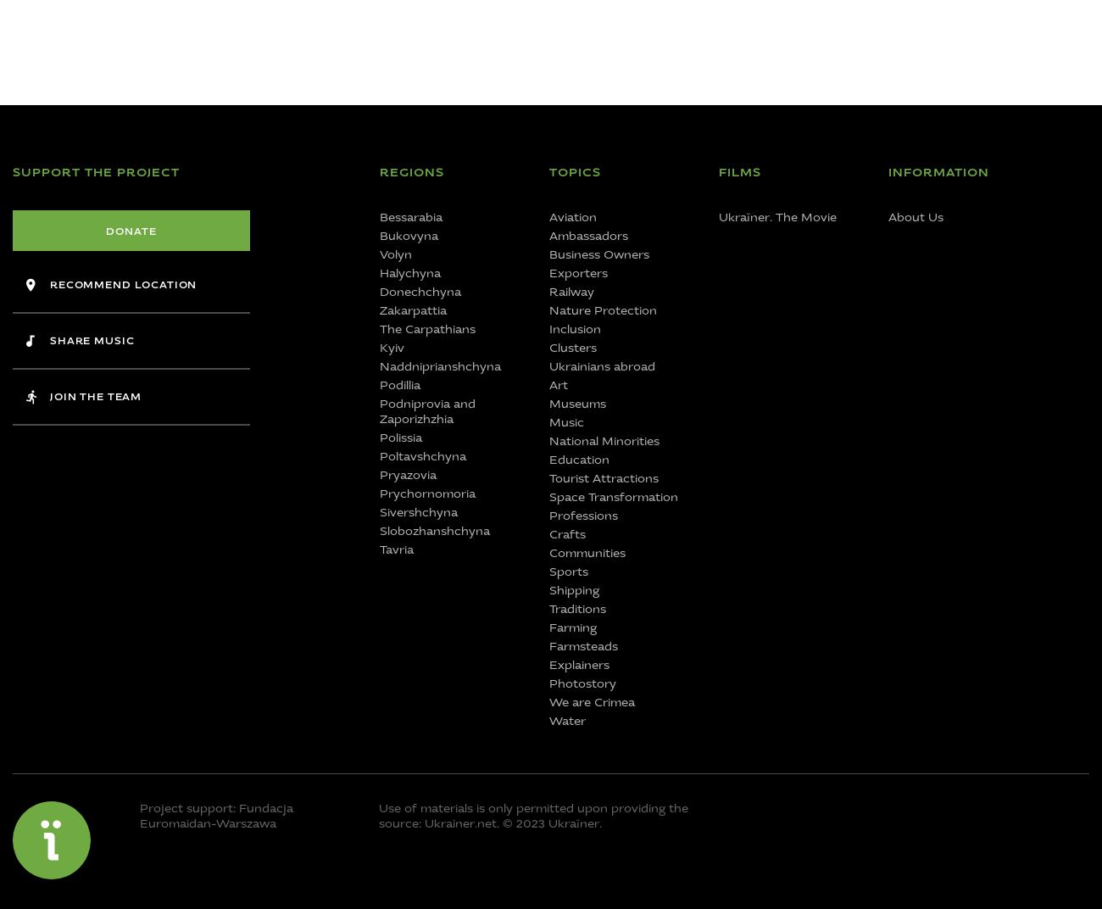  What do you see at coordinates (566, 534) in the screenshot?
I see `'Crafts'` at bounding box center [566, 534].